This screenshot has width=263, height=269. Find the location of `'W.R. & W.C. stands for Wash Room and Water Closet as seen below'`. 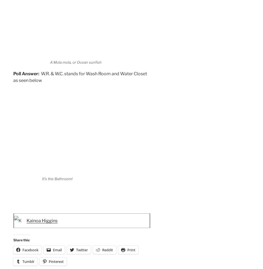

'W.R. & W.C. stands for Wash Room and Water Closet as seen below' is located at coordinates (80, 77).